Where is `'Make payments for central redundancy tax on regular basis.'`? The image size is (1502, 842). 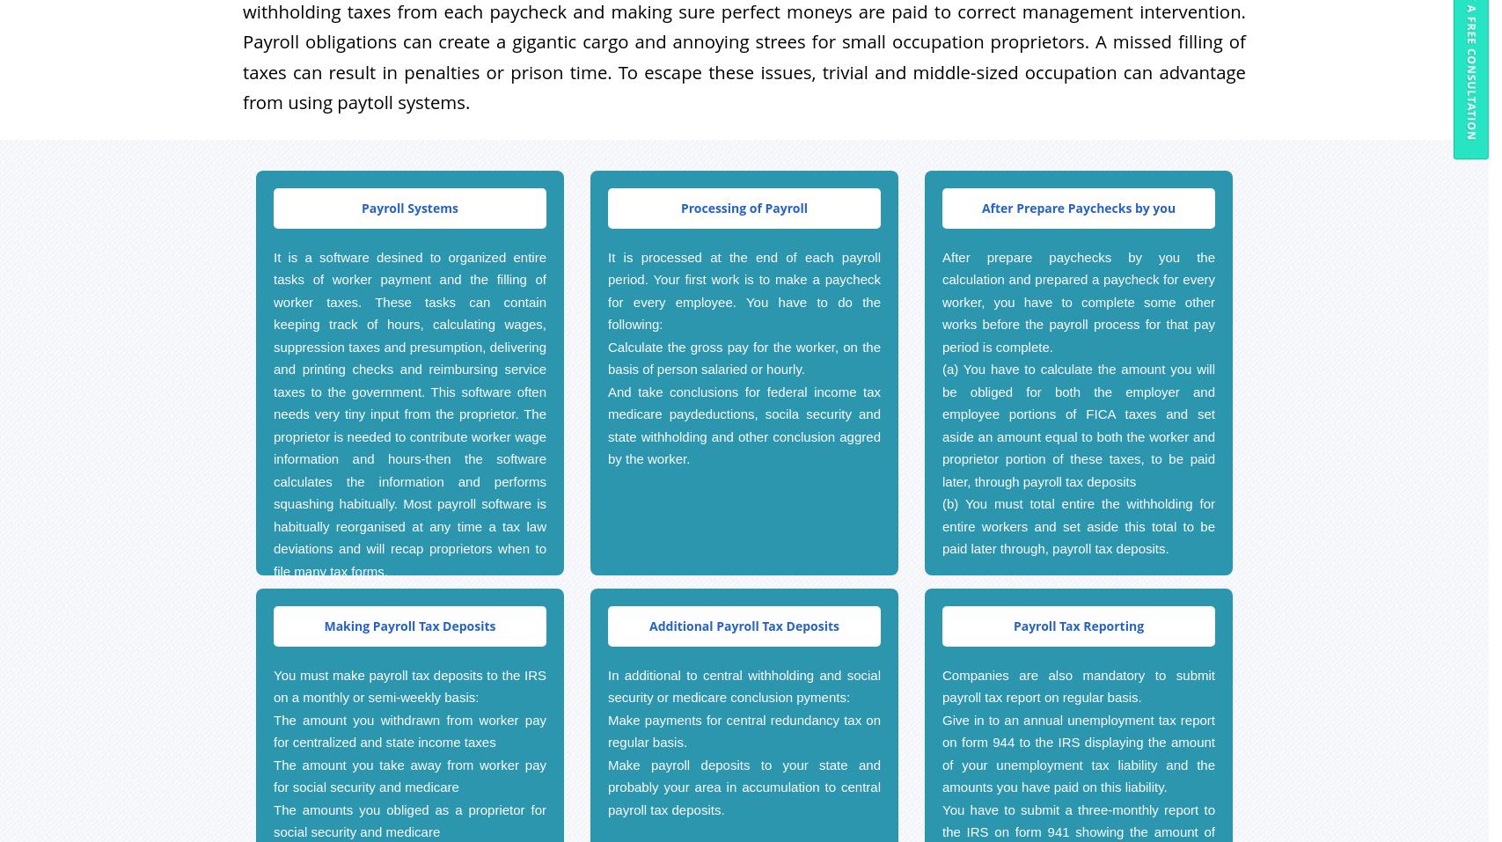
'Make payments for central redundancy tax on regular basis.' is located at coordinates (744, 729).